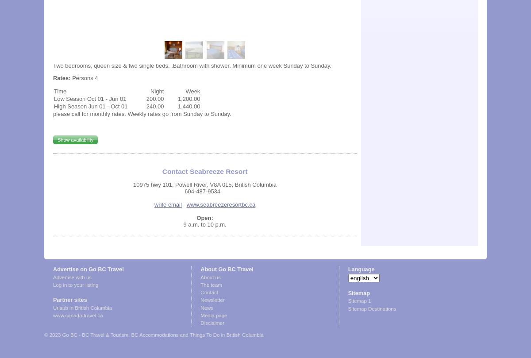 This screenshot has height=358, width=531. What do you see at coordinates (204, 217) in the screenshot?
I see `'Open:'` at bounding box center [204, 217].